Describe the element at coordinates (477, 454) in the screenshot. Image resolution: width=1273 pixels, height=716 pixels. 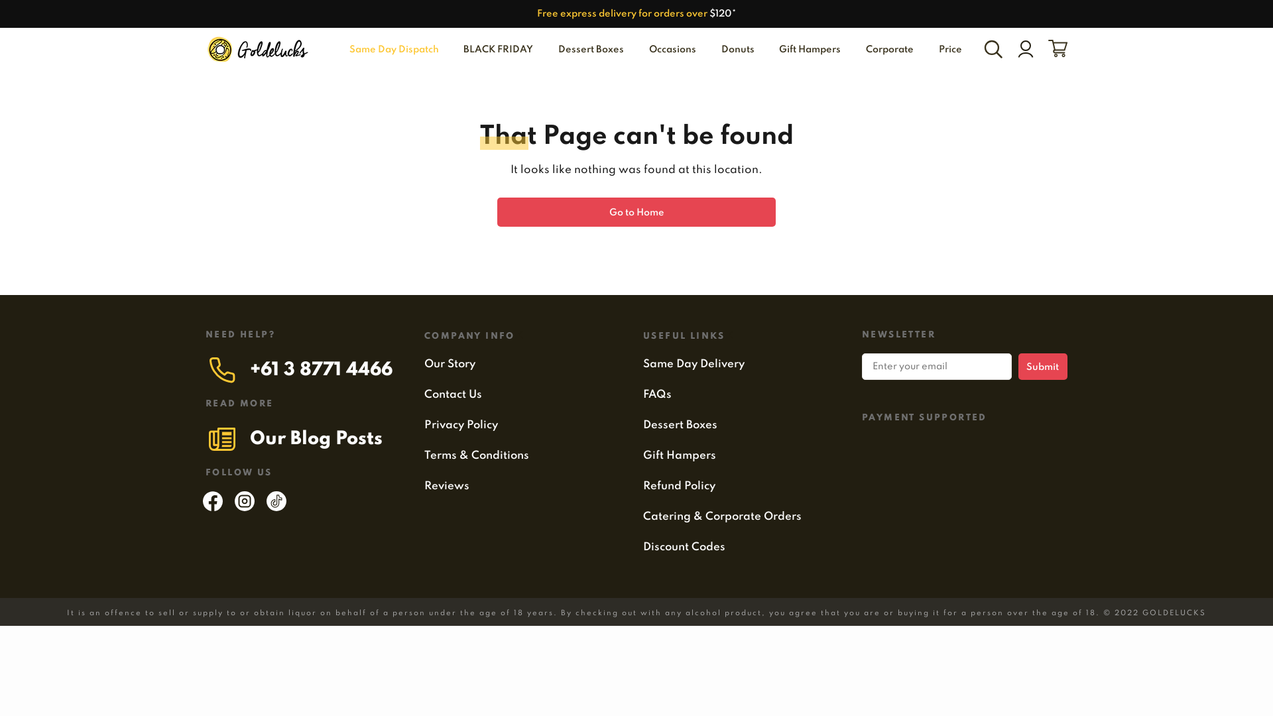
I see `'Terms & Conditions'` at that location.